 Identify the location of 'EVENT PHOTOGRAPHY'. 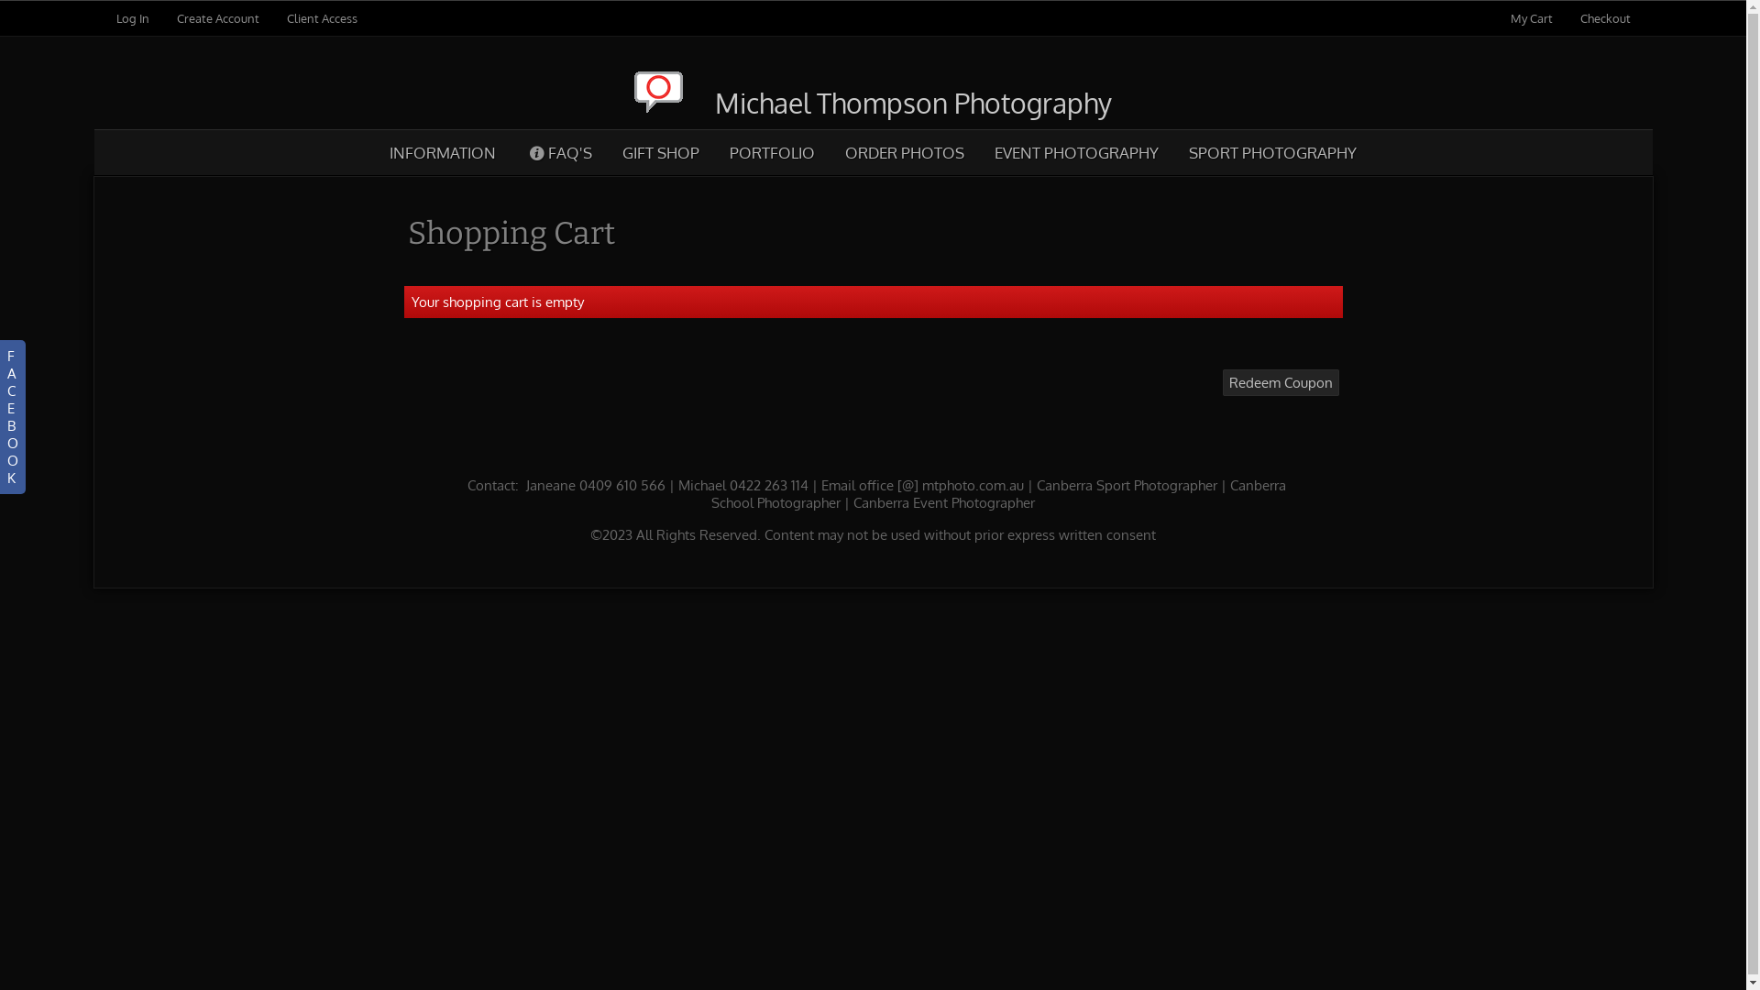
(978, 151).